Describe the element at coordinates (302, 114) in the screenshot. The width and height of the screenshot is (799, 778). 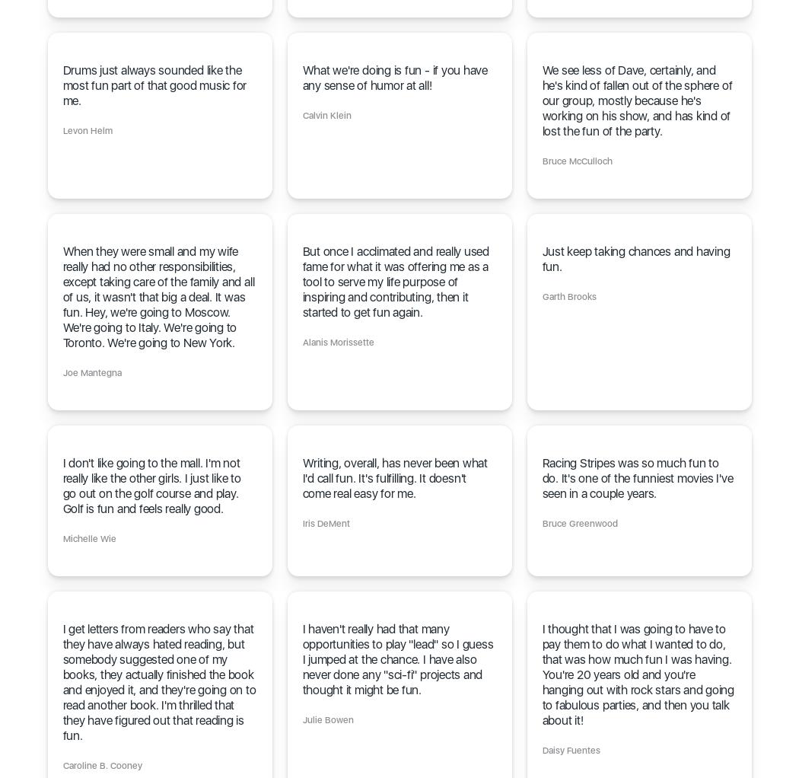
I see `'Calvin Klein'` at that location.